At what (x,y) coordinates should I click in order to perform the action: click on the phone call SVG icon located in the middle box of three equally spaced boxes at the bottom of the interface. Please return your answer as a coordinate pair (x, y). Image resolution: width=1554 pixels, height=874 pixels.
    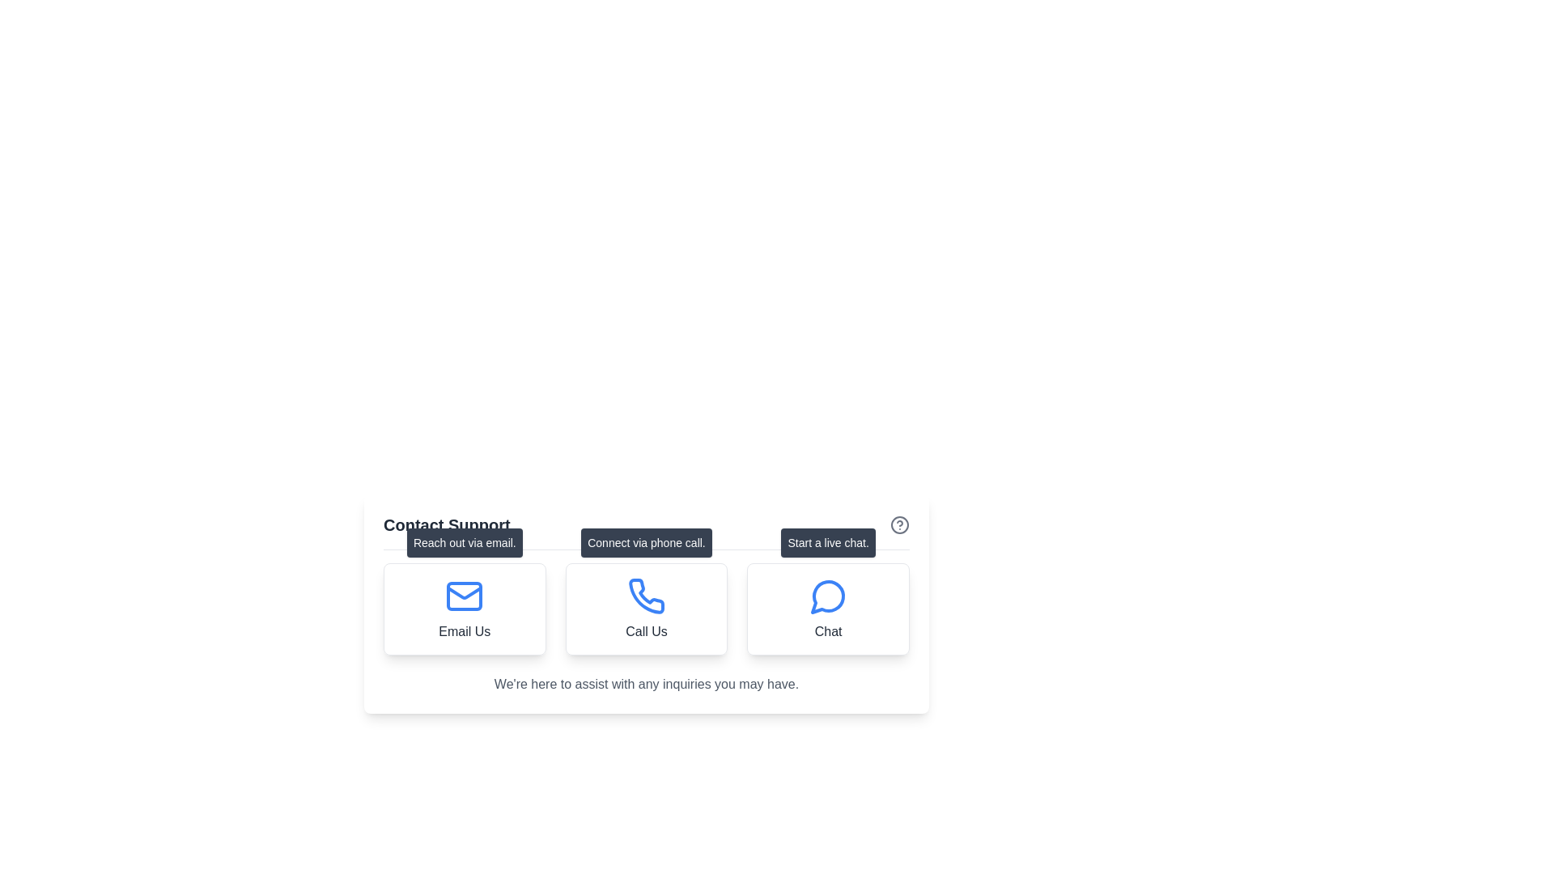
    Looking at the image, I should click on (646, 596).